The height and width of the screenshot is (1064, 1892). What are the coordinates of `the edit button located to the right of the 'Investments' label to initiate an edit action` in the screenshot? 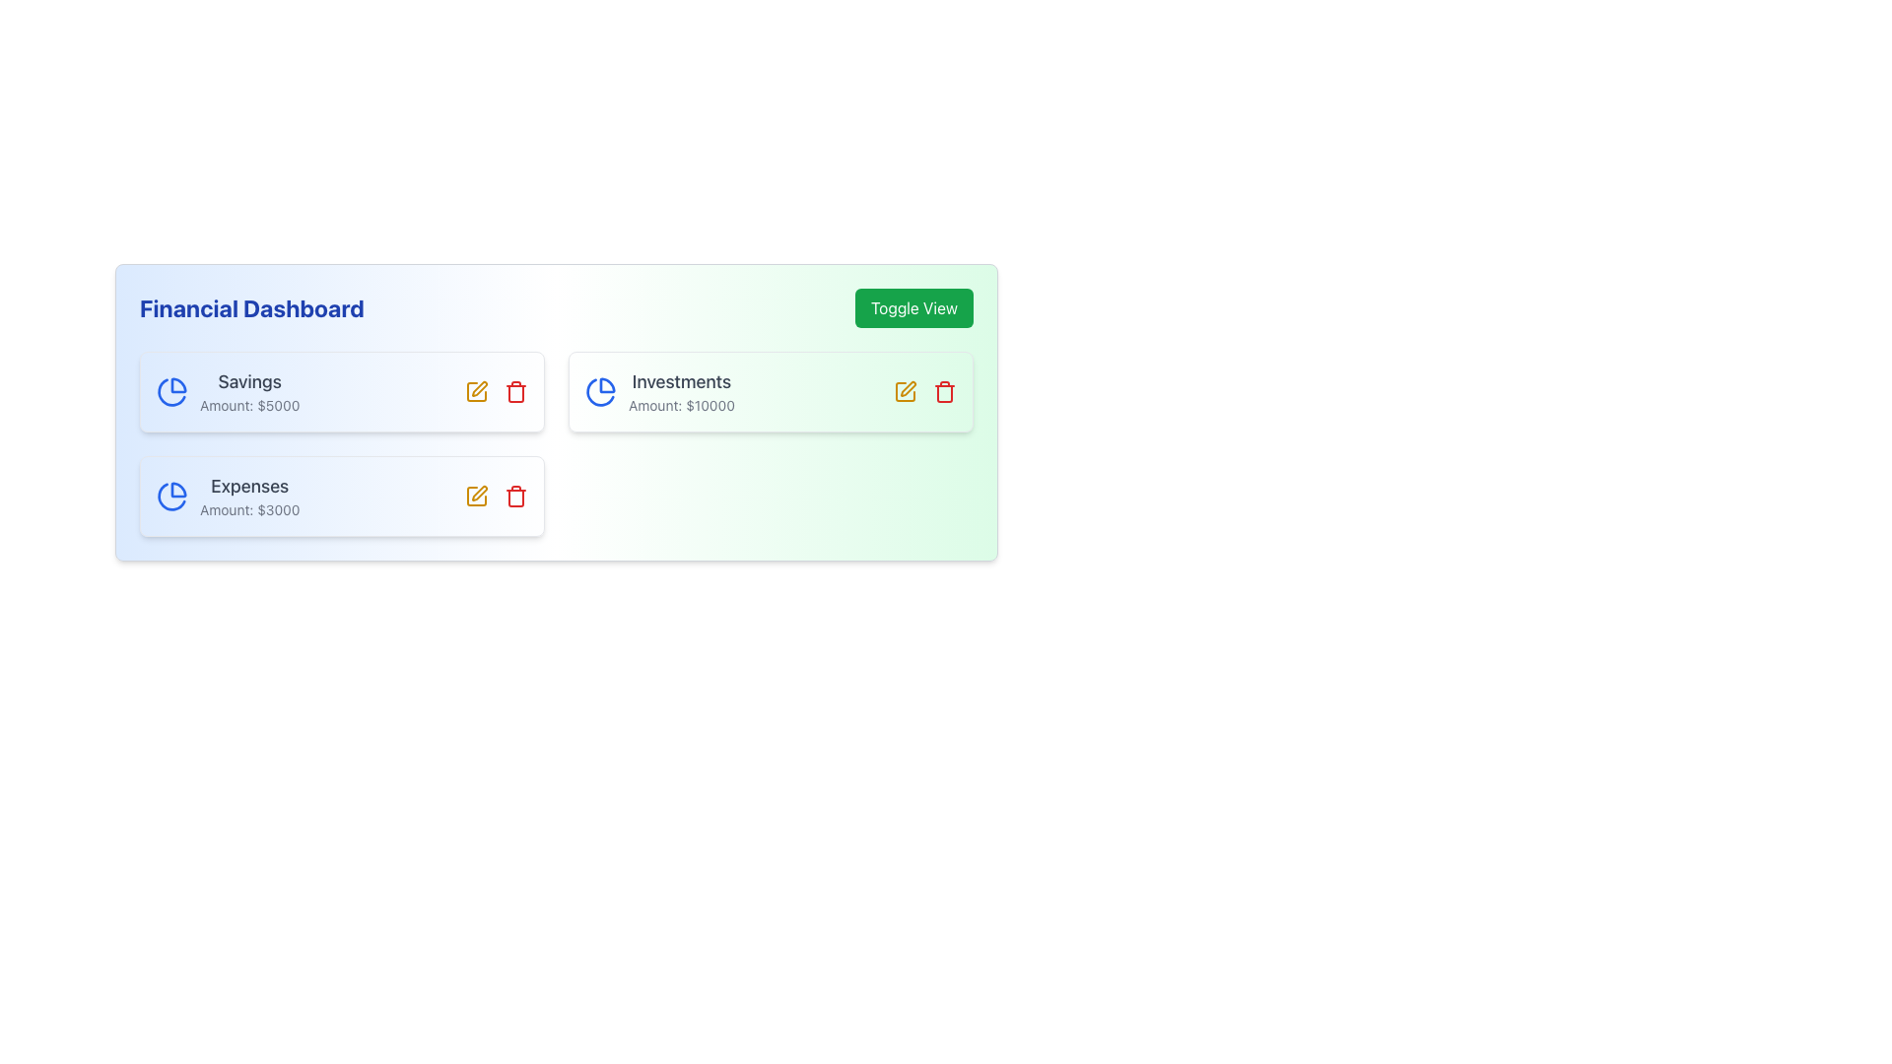 It's located at (904, 391).